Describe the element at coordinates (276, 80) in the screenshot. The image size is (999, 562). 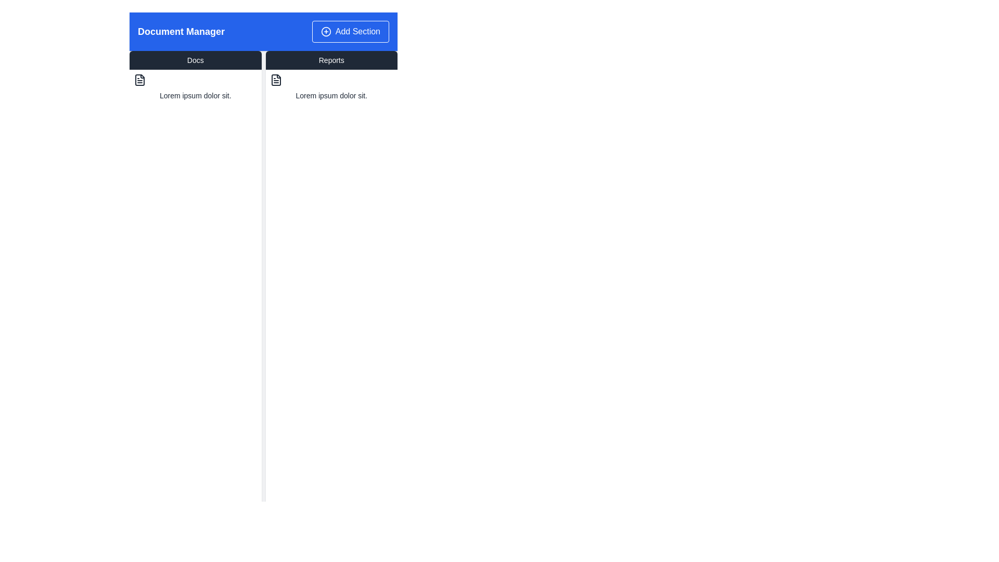
I see `the document or file icon located in the second column under the 'Reports' tab, positioned above the text 'Lorem ipsum dolor sit.'` at that location.